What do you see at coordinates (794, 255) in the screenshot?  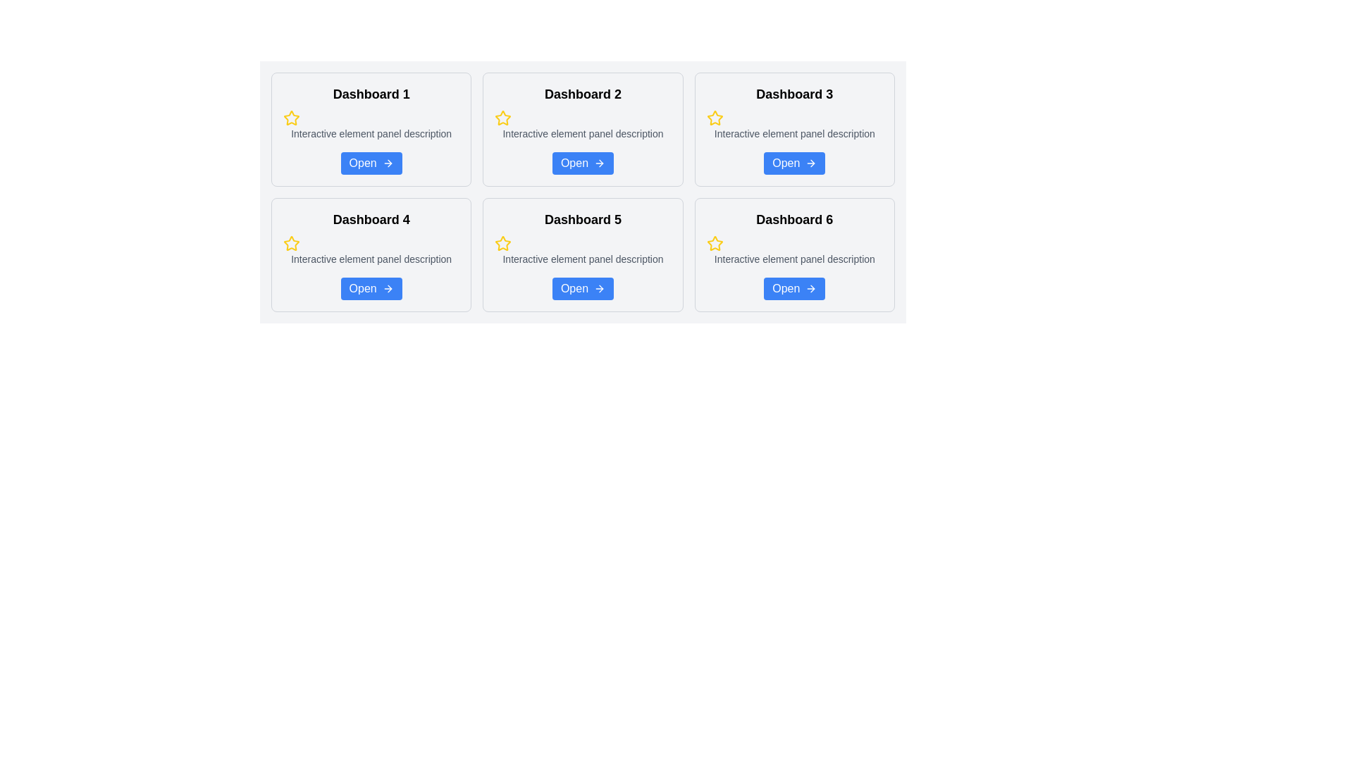 I see `the blue button labeled 'Open' at the bottom of the Dashboard card displaying 'Dashboard 6'` at bounding box center [794, 255].